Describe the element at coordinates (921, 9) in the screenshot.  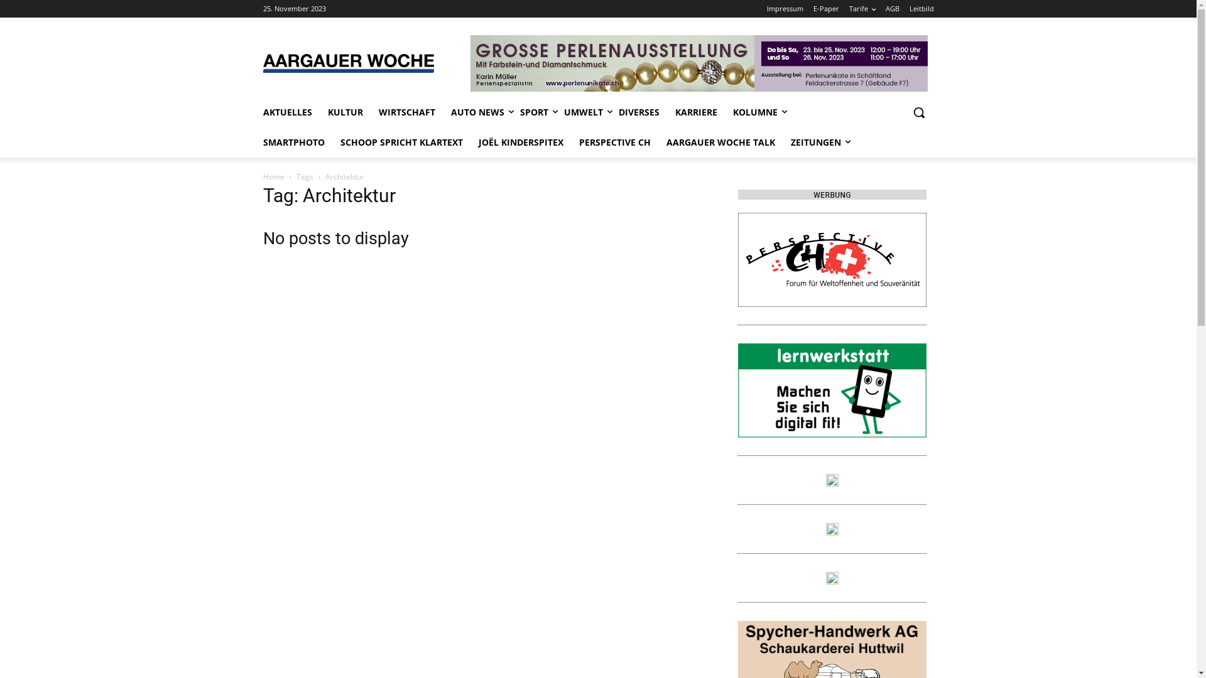
I see `'Leitbild'` at that location.